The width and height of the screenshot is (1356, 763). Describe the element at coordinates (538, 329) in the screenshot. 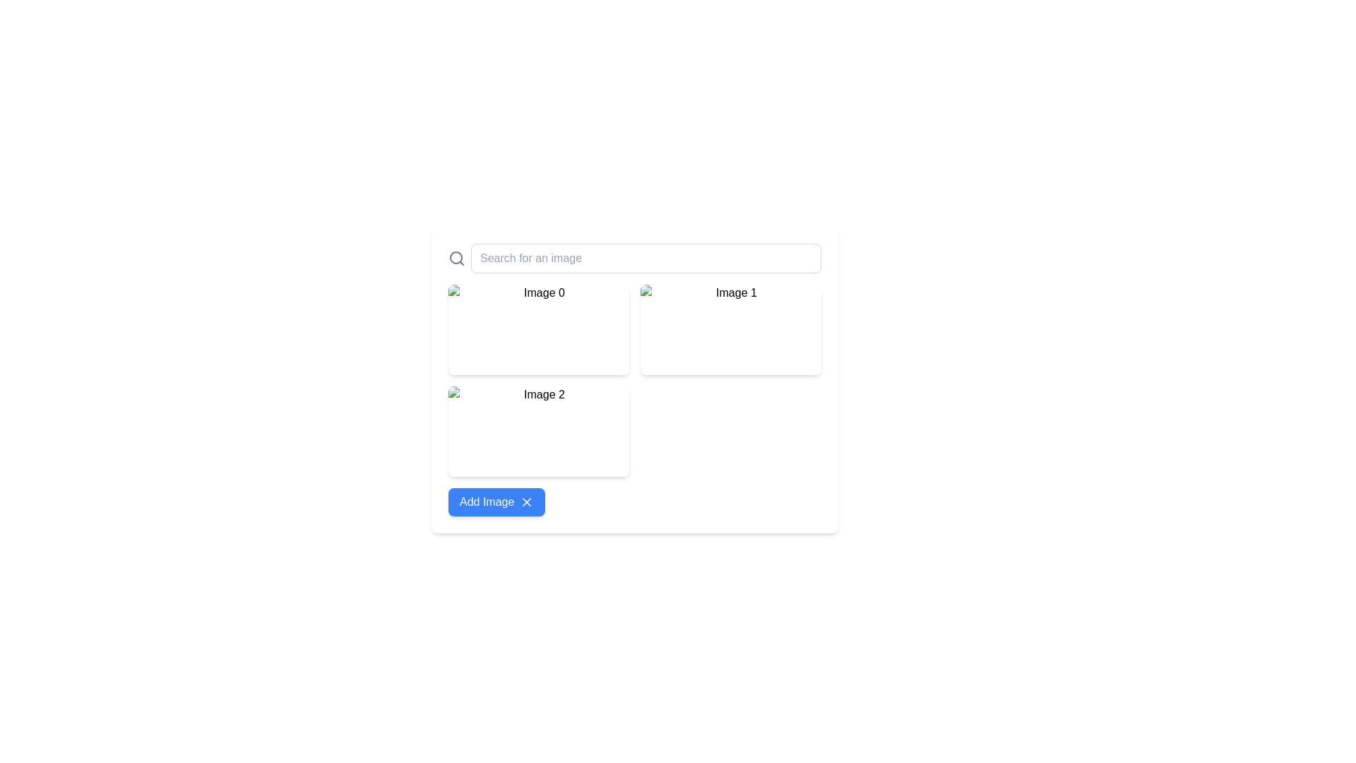

I see `the image placeholder labeled 'Image1' located` at that location.